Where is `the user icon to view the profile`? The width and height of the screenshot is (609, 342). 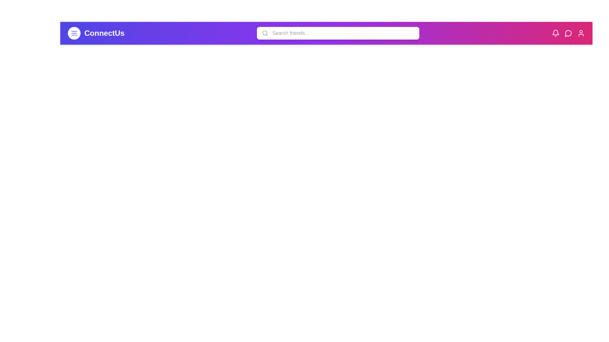
the user icon to view the profile is located at coordinates (581, 33).